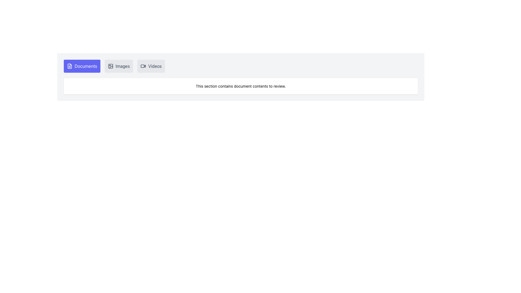 Image resolution: width=521 pixels, height=293 pixels. What do you see at coordinates (151, 66) in the screenshot?
I see `the button labeled 'Videos', which is the third button in a group of similar buttons` at bounding box center [151, 66].